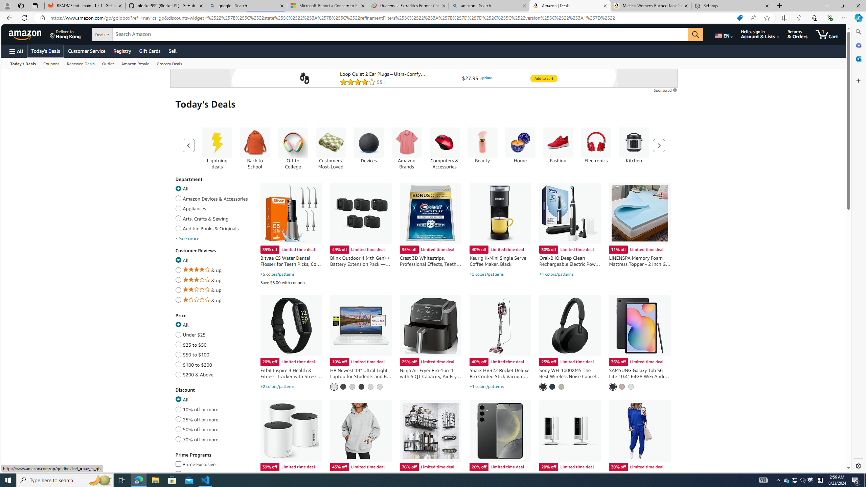 This screenshot has height=487, width=866. Describe the element at coordinates (149, 51) in the screenshot. I see `'Gift Cards'` at that location.